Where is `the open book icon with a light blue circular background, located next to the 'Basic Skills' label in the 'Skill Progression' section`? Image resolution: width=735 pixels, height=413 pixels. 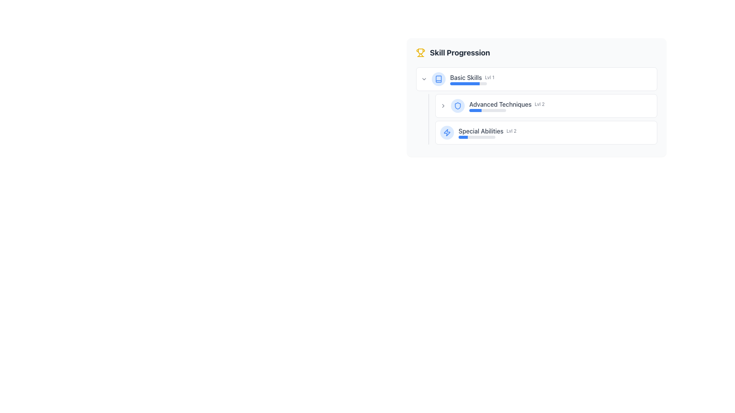 the open book icon with a light blue circular background, located next to the 'Basic Skills' label in the 'Skill Progression' section is located at coordinates (439, 79).